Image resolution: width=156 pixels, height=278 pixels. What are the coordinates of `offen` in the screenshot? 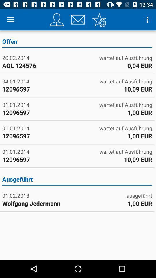 It's located at (77, 42).